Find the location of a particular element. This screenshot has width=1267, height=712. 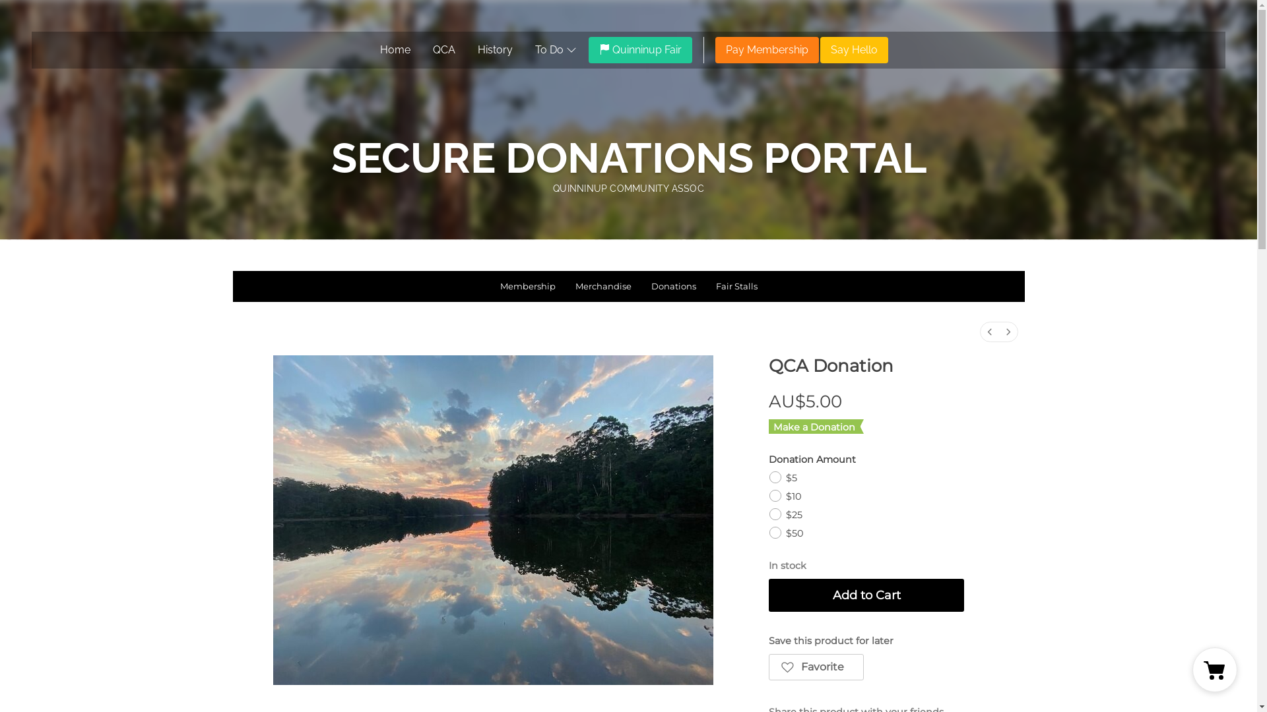

'Quinninup Fair' is located at coordinates (640, 49).